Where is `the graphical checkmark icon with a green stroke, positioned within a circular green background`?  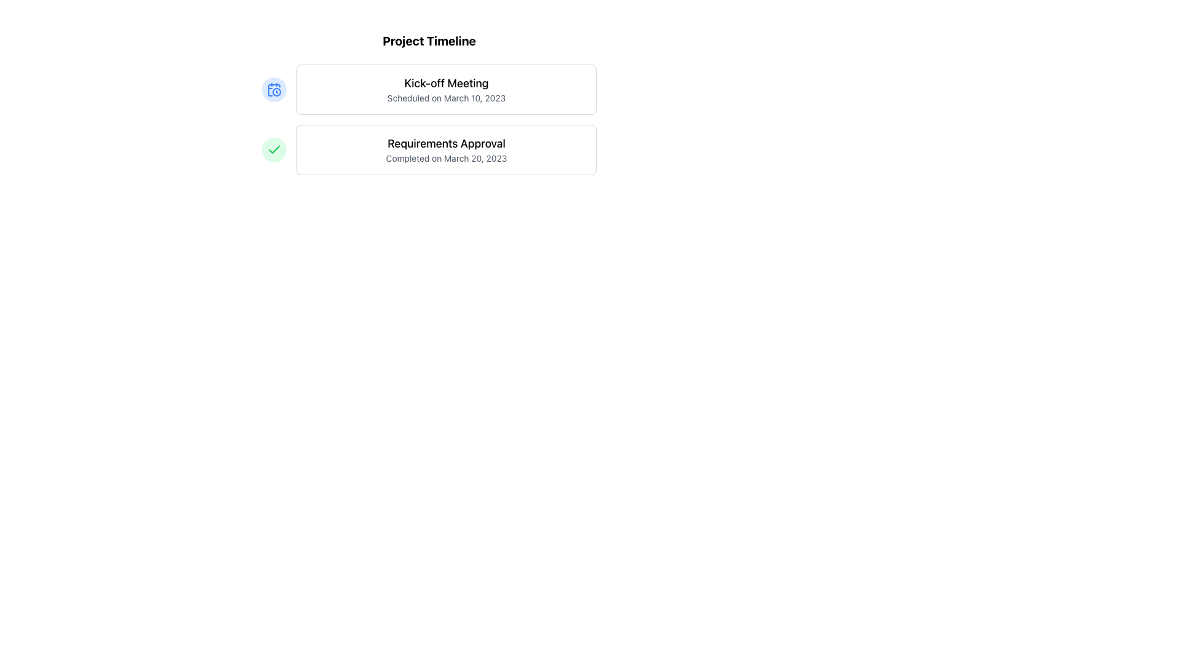
the graphical checkmark icon with a green stroke, positioned within a circular green background is located at coordinates (274, 149).